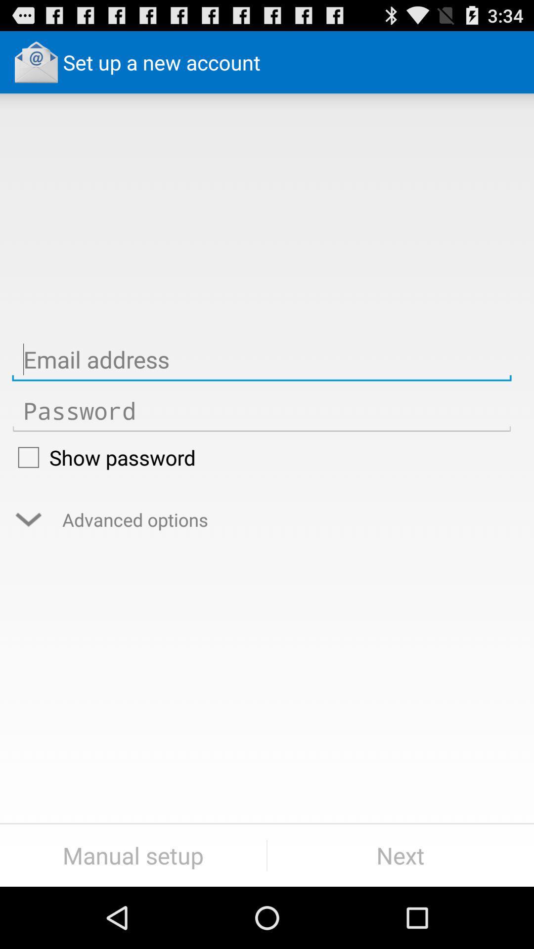 The height and width of the screenshot is (949, 534). I want to click on button to the right of the manual setup button, so click(400, 855).